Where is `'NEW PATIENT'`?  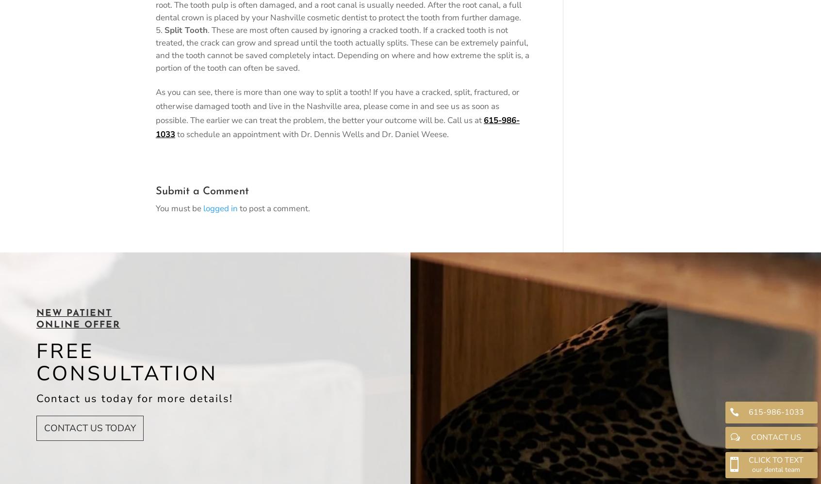
'NEW PATIENT' is located at coordinates (73, 312).